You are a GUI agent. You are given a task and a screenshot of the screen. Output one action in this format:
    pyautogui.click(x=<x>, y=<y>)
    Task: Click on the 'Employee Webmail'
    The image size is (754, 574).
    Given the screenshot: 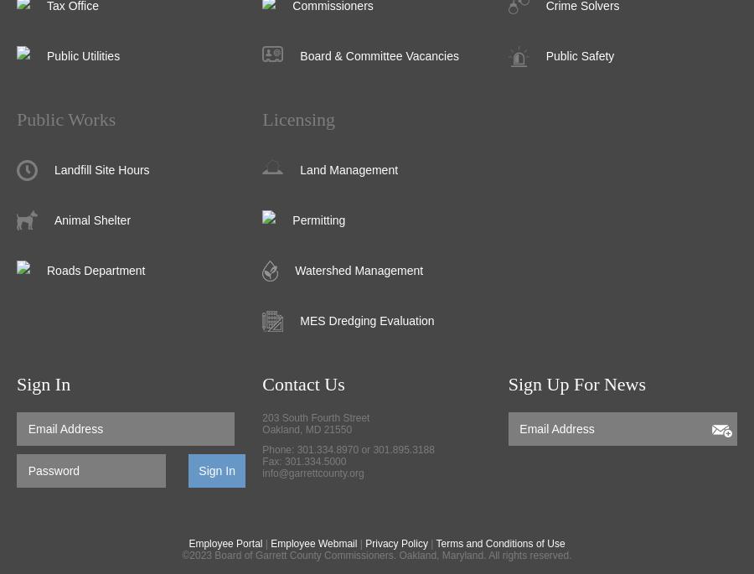 What is the action you would take?
    pyautogui.click(x=313, y=542)
    